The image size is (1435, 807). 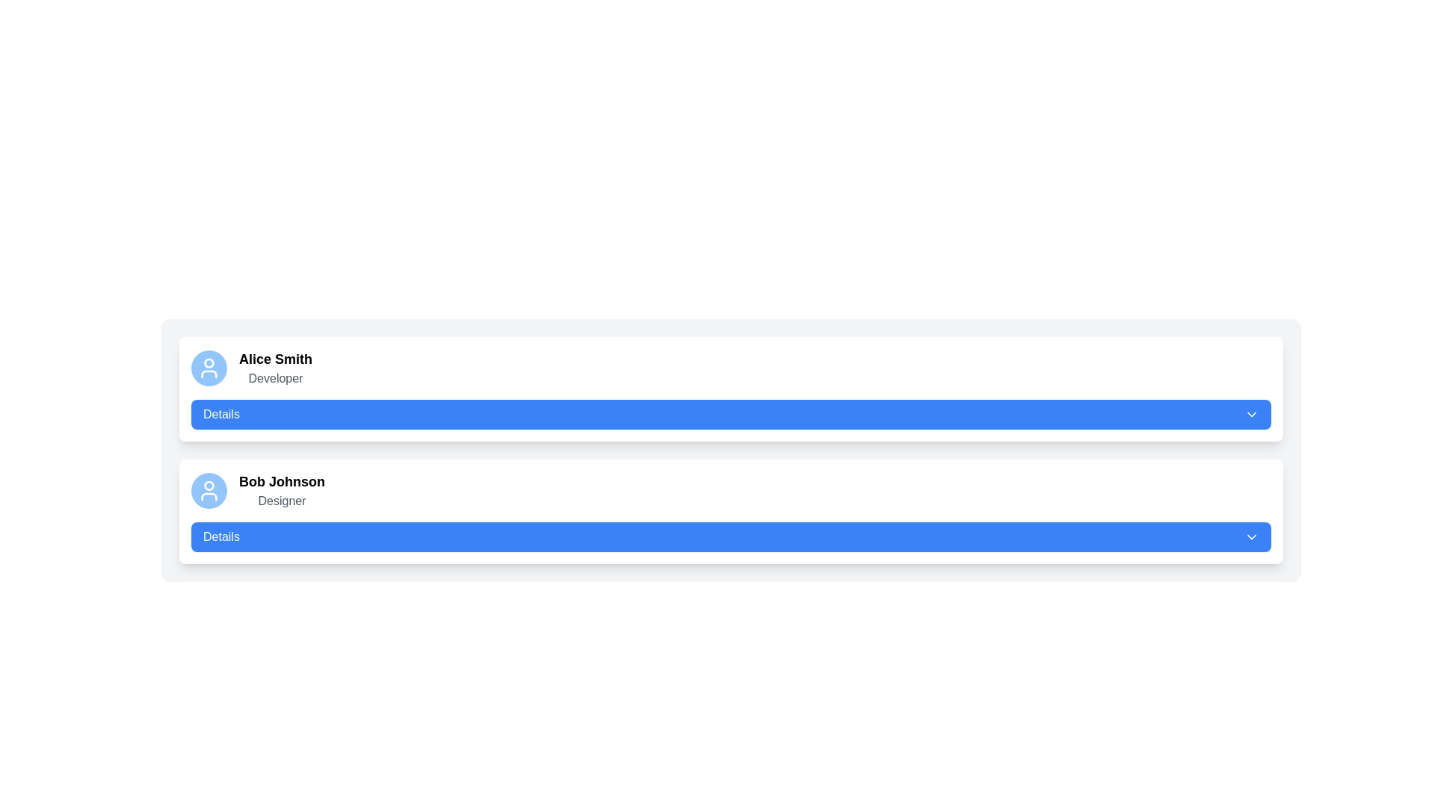 What do you see at coordinates (1252, 536) in the screenshot?
I see `the downward-facing chevron icon with a blue background located on the right side of the 'Details' button` at bounding box center [1252, 536].